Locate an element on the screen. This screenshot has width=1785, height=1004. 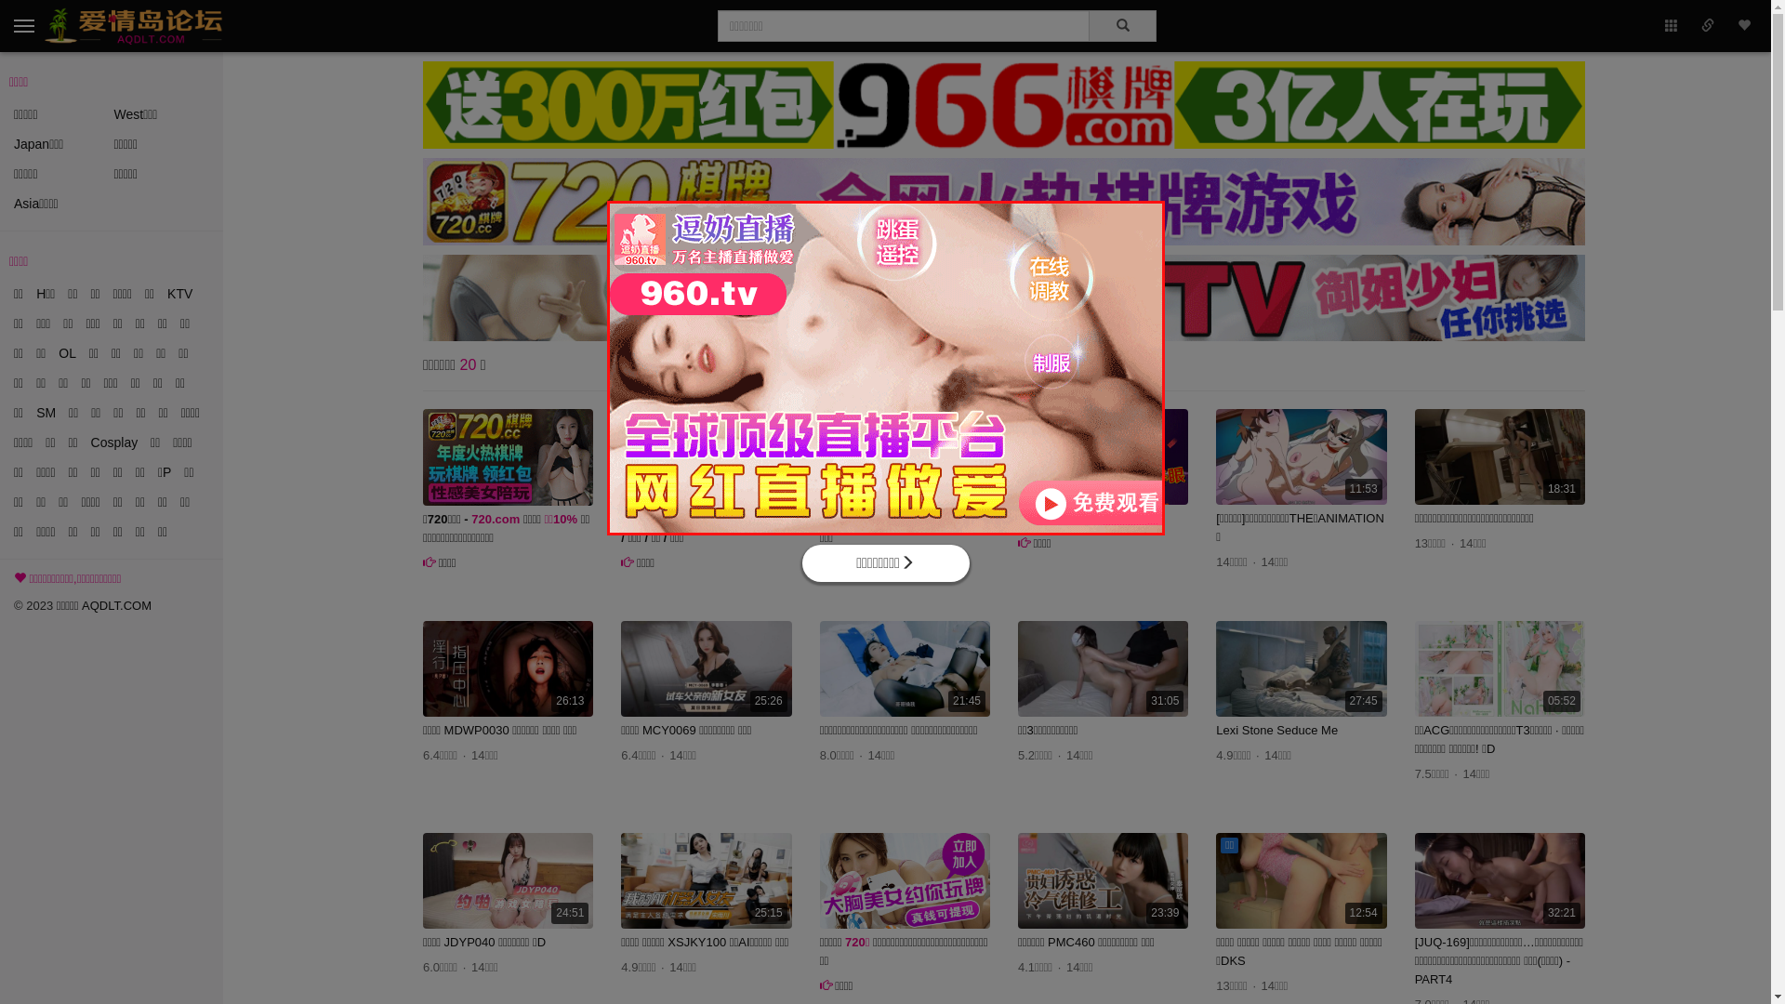
'SM' is located at coordinates (46, 411).